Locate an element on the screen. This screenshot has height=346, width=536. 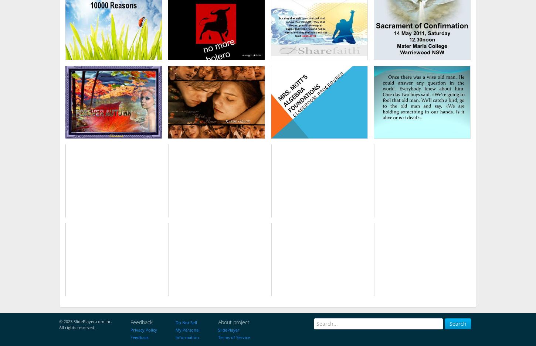
'n o m o r e b o l e r o a song in pictures I do believe that God above, created you for me to love. He chose you from all the rest, because he knew I.' is located at coordinates (216, 25).